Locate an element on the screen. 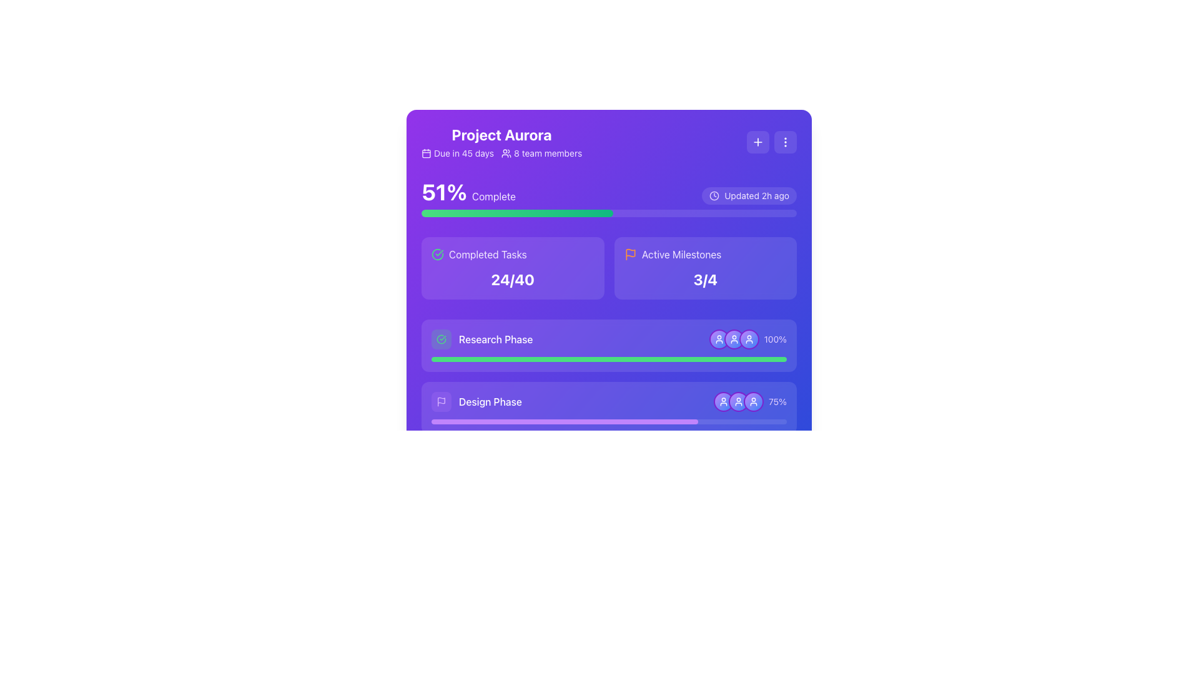  the Action bar buttons with rounded rectangles and semi-transparent purple background located at the top-right corner of the 'Project Aurora' panel is located at coordinates (771, 141).